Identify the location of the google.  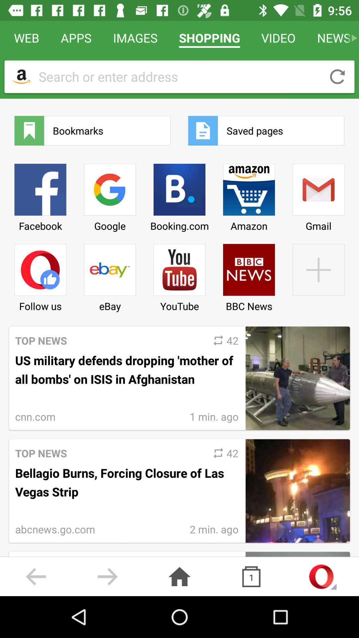
(109, 195).